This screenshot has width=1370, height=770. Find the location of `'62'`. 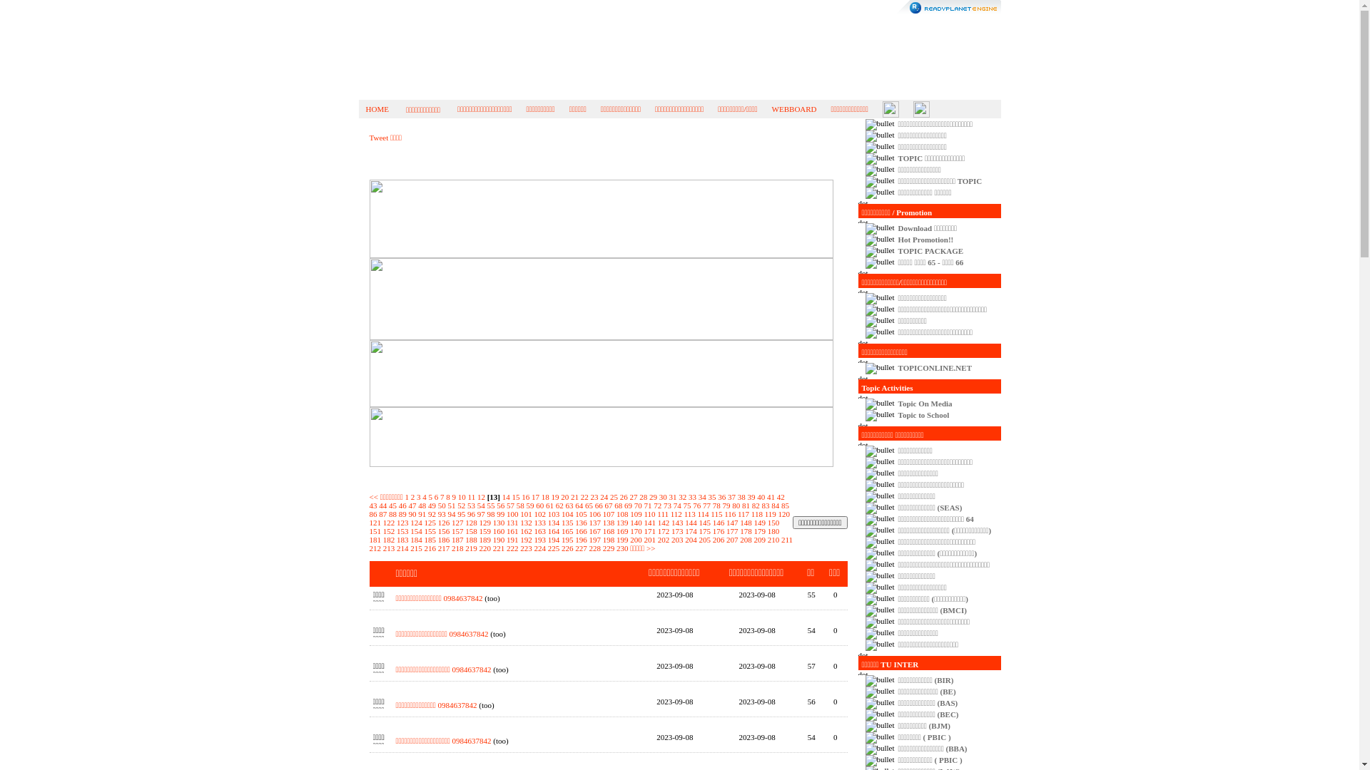

'62' is located at coordinates (559, 505).